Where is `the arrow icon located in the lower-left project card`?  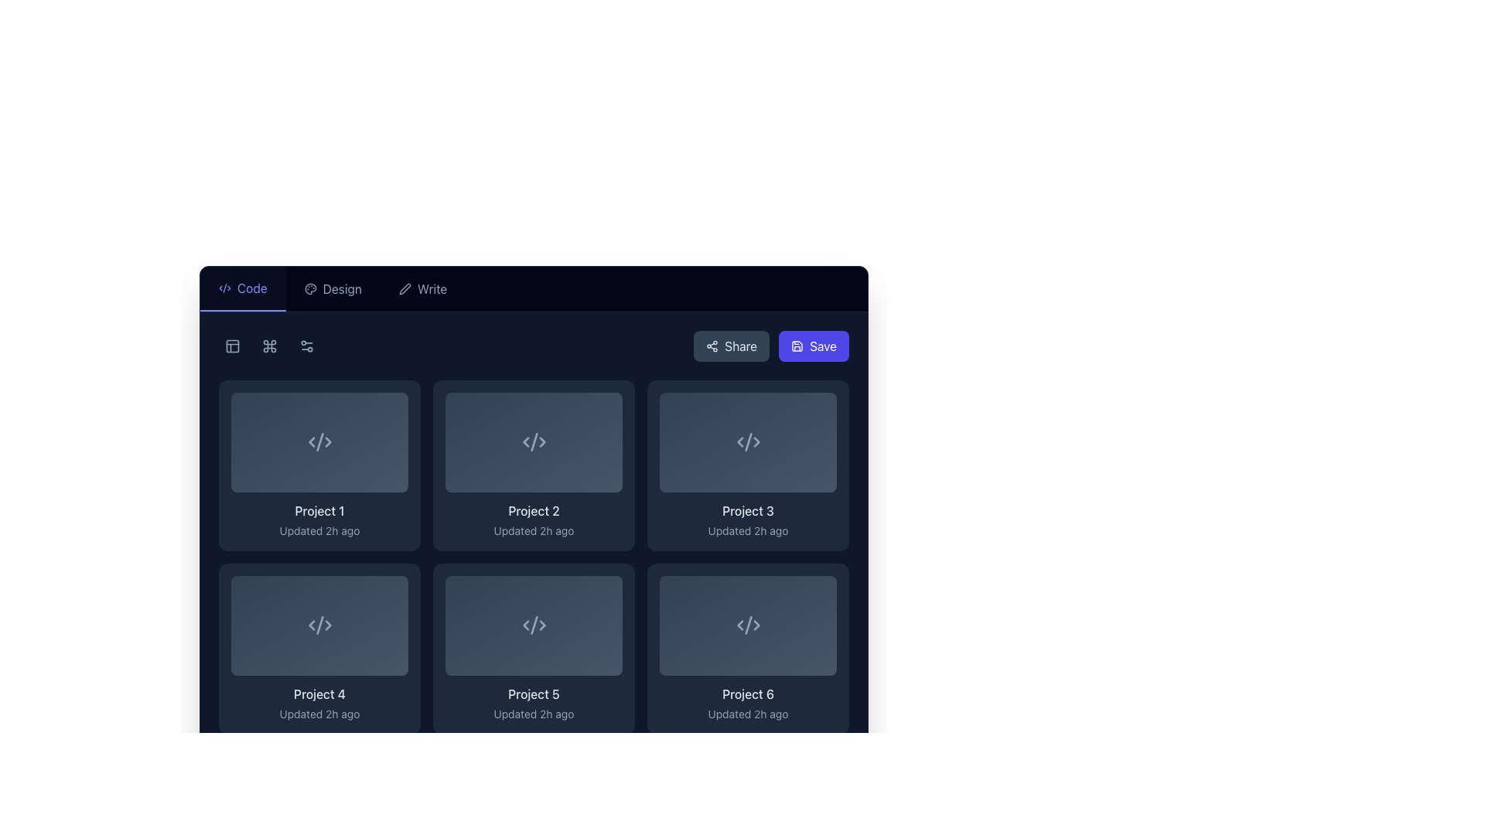
the arrow icon located in the lower-left project card is located at coordinates (327, 625).